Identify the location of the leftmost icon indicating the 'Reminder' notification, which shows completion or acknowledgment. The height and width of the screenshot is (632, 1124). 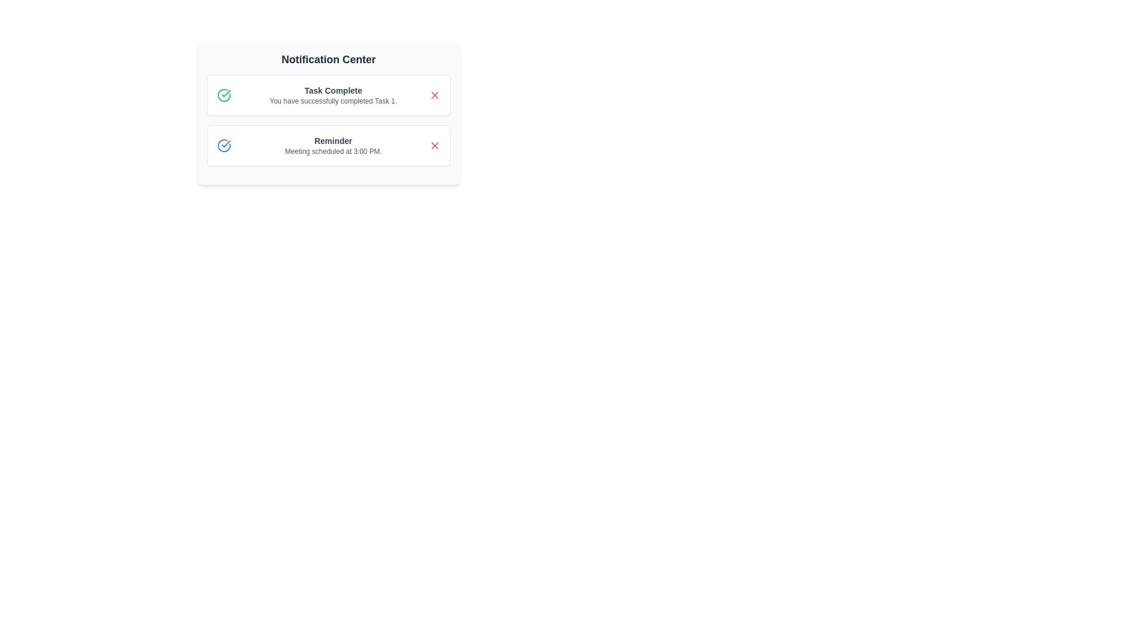
(224, 145).